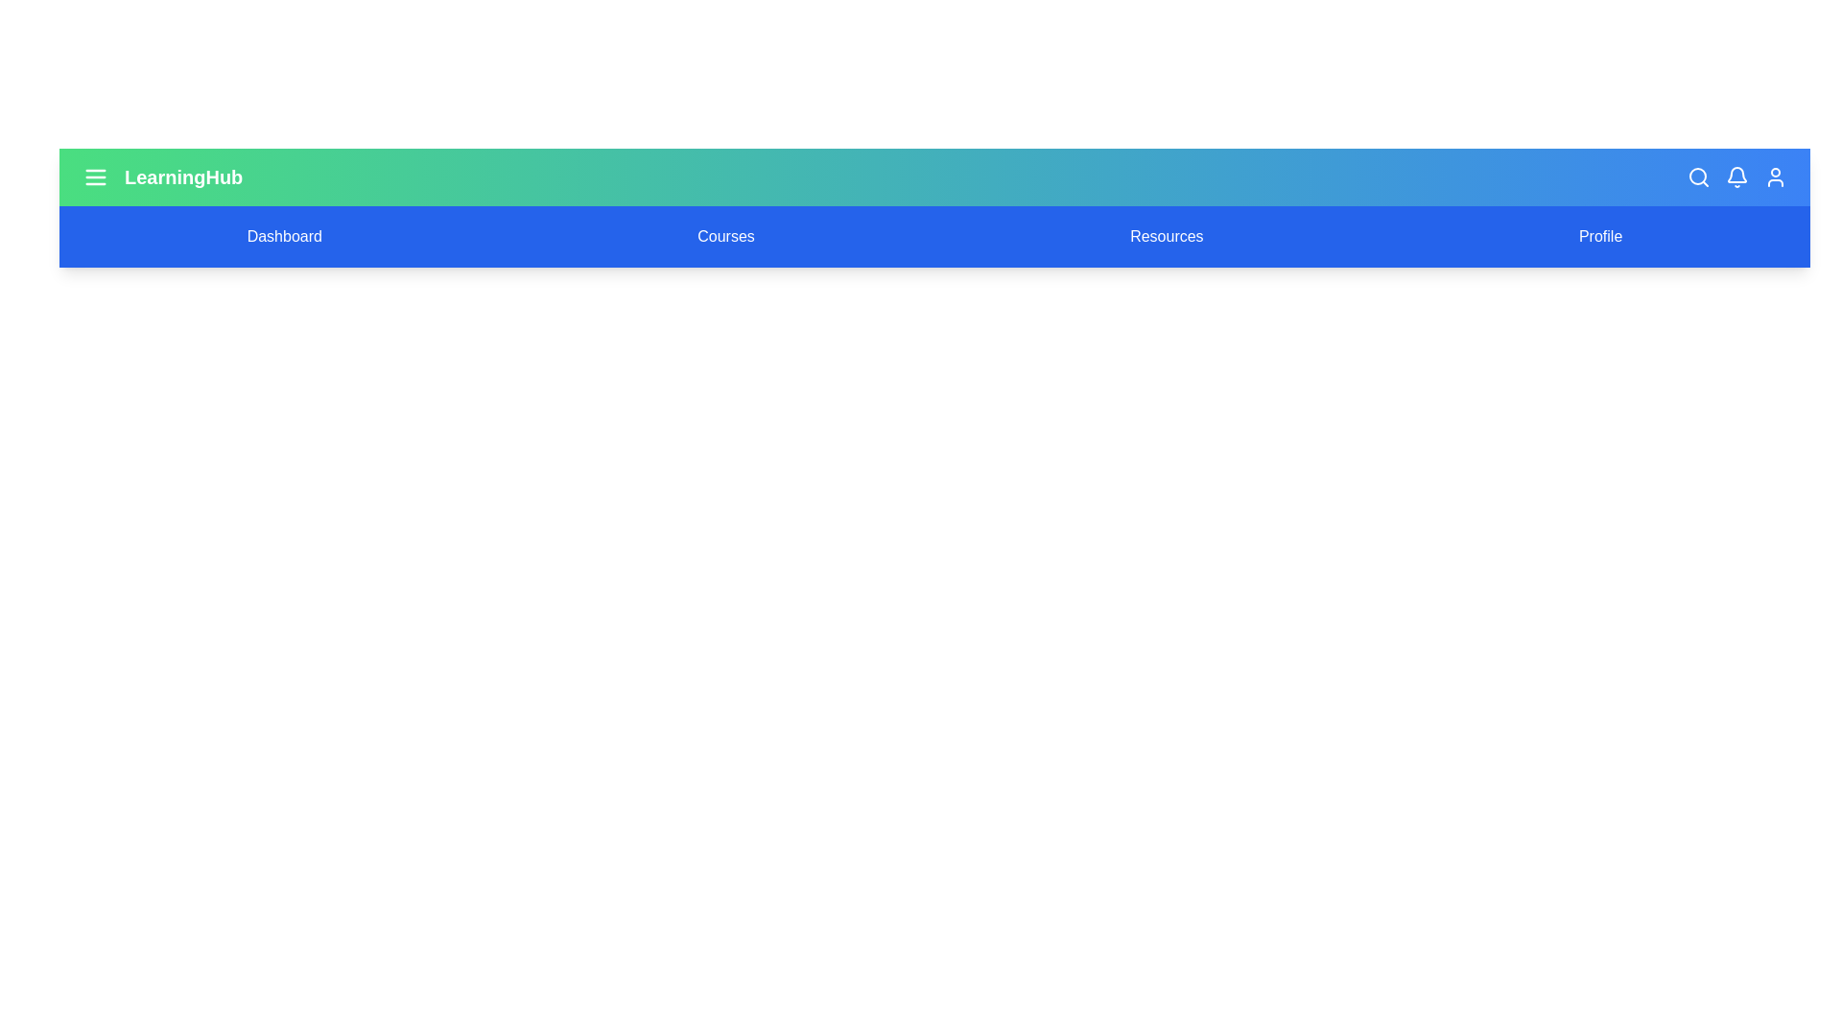 The width and height of the screenshot is (1842, 1036). I want to click on the user profile icon to access account options, so click(1775, 177).